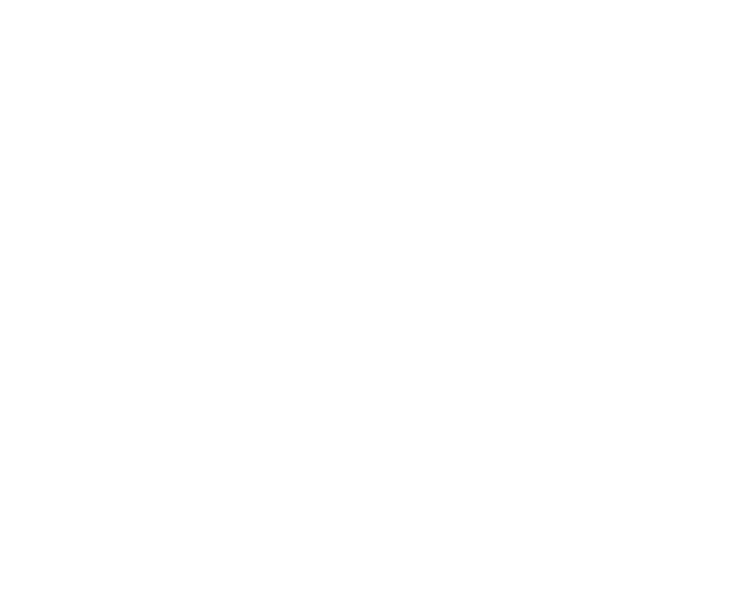 The height and width of the screenshot is (598, 747). What do you see at coordinates (384, 198) in the screenshot?
I see `'pressure testing'` at bounding box center [384, 198].